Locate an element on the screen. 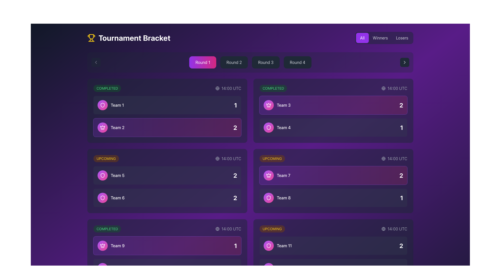  the 'Team 5' text label, which is styled with a white font color and medium weight, located prominently within its team entry card in the 'Upcoming' section is located at coordinates (117, 175).